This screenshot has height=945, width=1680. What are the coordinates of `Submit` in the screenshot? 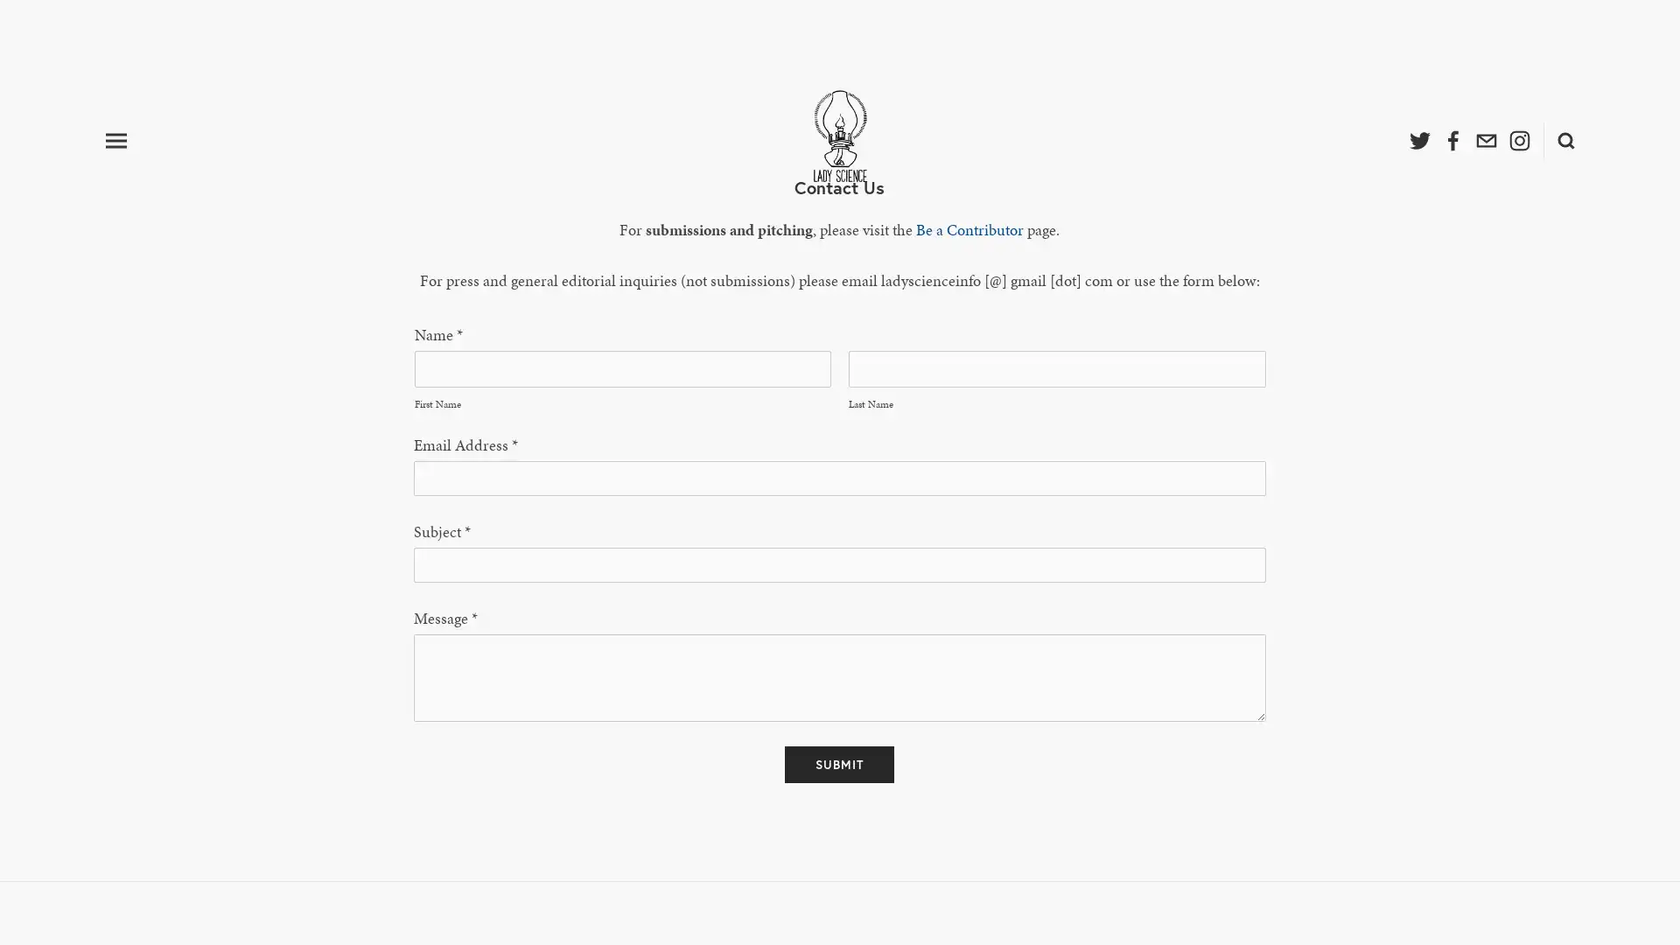 It's located at (838, 871).